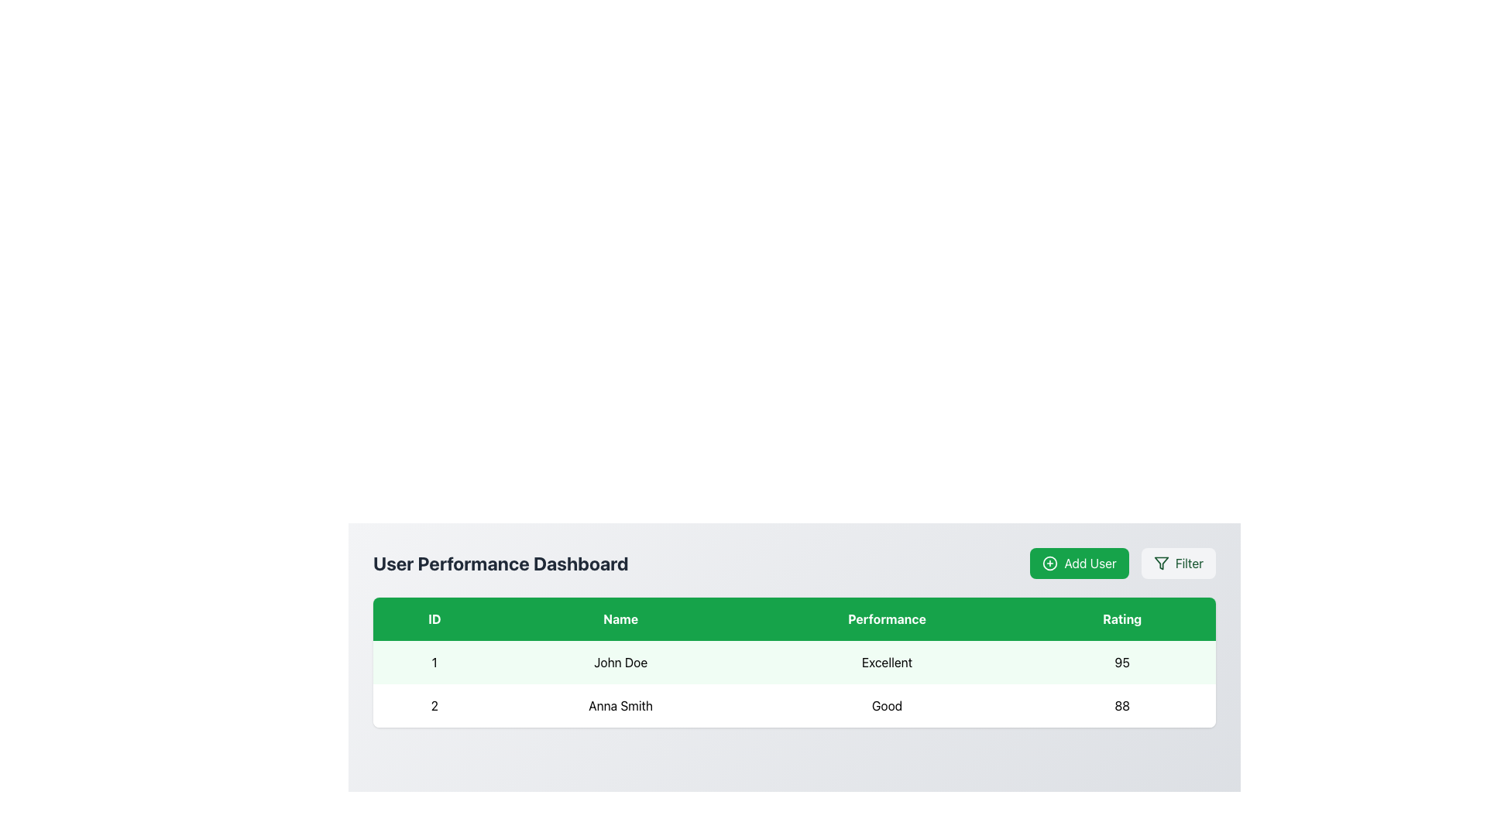 Image resolution: width=1487 pixels, height=836 pixels. What do you see at coordinates (887, 705) in the screenshot?
I see `the non-interactive text label indicating performance status in the third column of the second row of the User Performance Dashboard table` at bounding box center [887, 705].